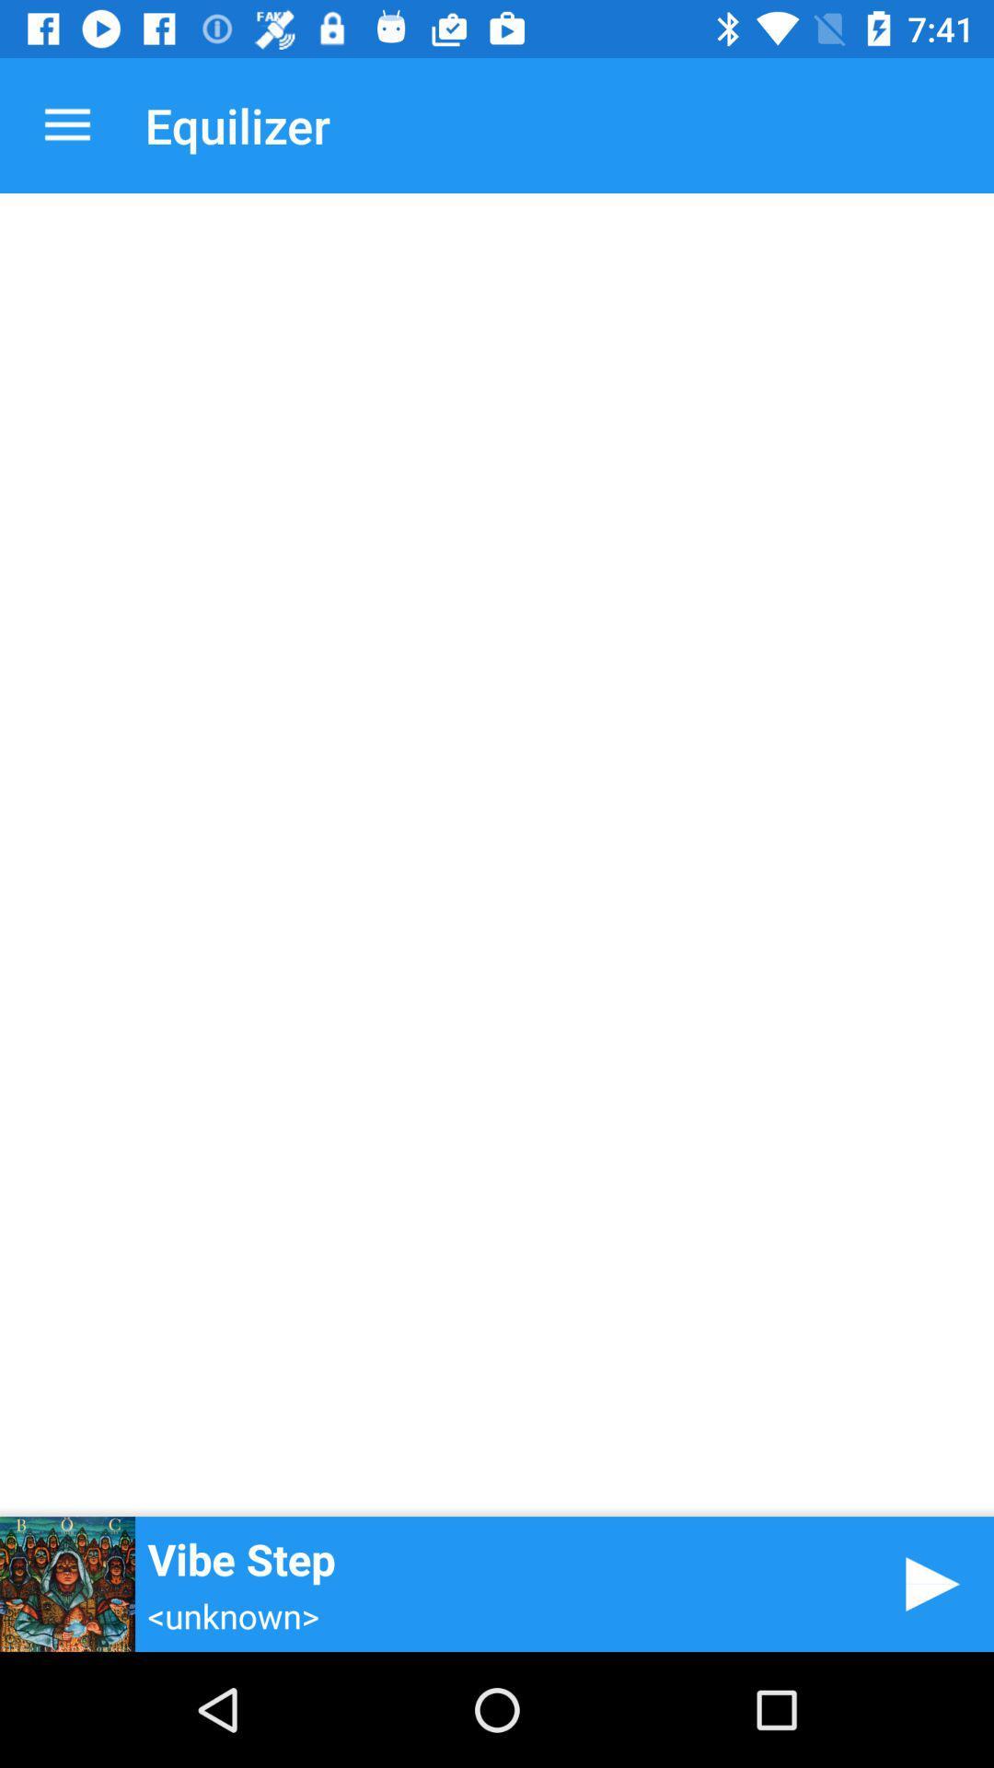 This screenshot has width=994, height=1768. I want to click on icon to the right of the vibe step item, so click(926, 1583).